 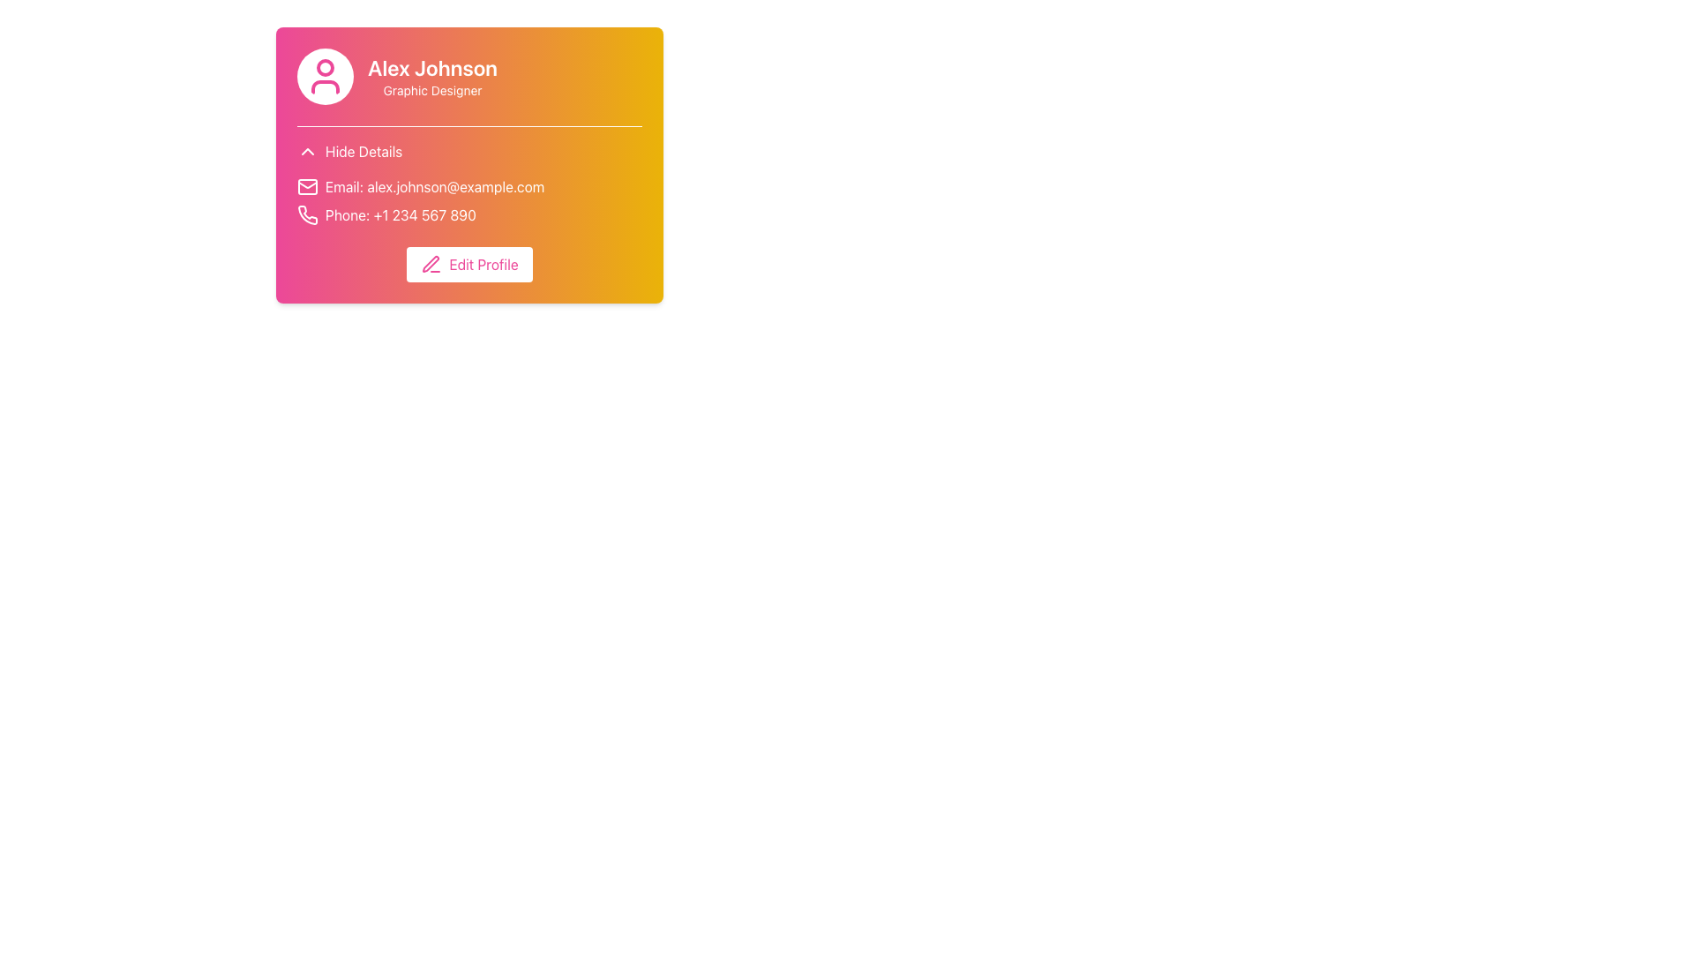 What do you see at coordinates (432, 76) in the screenshot?
I see `text block containing the title 'Alex Johnson' and the subtitle 'Graphic Designer' which is prominently displayed on a gradient background, located in the top-right area of the profile card` at bounding box center [432, 76].